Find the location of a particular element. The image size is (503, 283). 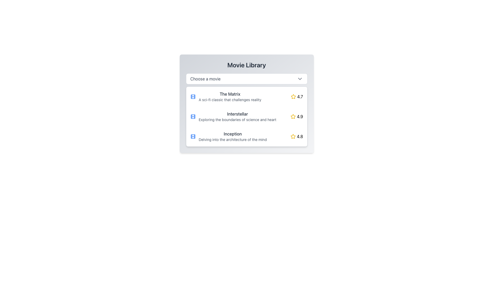

the rating display for the movie 'Inception', located in the third entry of the movie list, on the far right next to the text 'Inception' is located at coordinates (297, 136).